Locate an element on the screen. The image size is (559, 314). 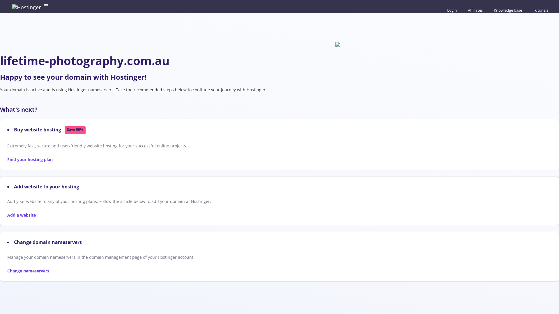
'Knowledge base' is located at coordinates (490, 10).